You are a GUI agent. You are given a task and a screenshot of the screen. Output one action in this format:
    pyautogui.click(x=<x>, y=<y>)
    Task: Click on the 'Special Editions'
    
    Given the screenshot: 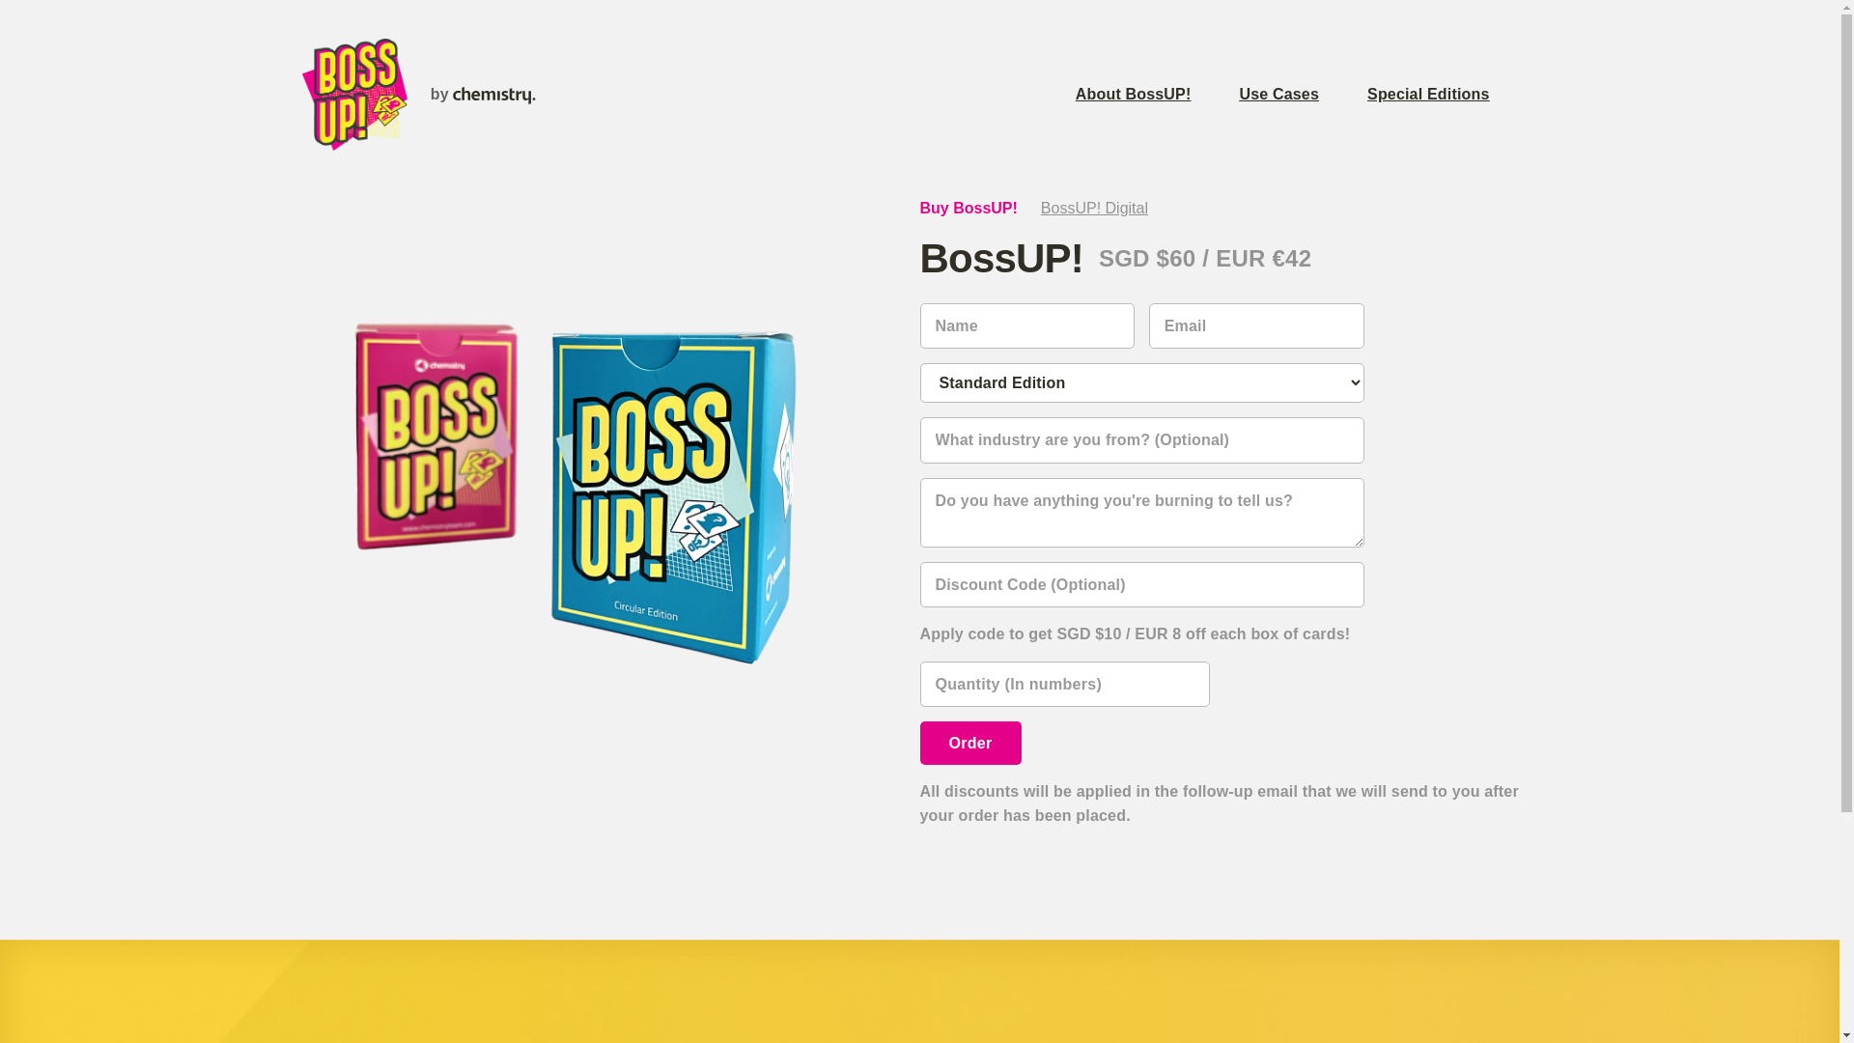 What is the action you would take?
    pyautogui.click(x=1451, y=94)
    